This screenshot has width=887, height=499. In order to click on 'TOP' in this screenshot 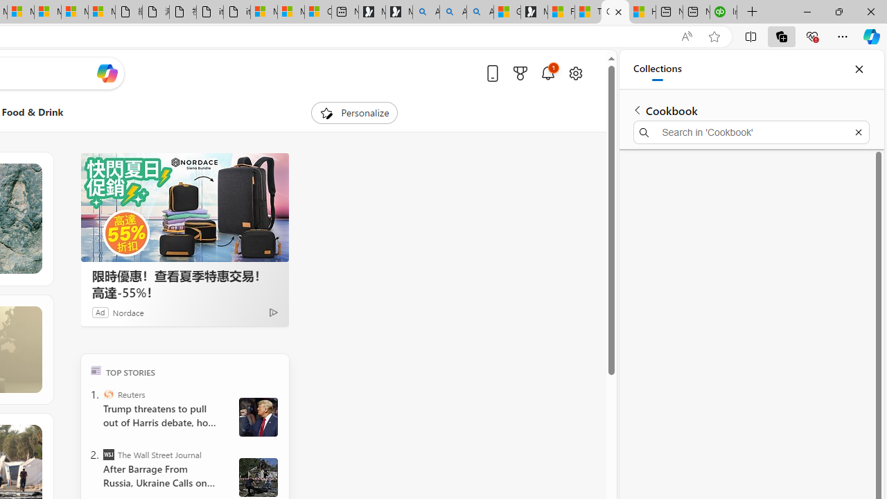, I will do `click(95, 369)`.